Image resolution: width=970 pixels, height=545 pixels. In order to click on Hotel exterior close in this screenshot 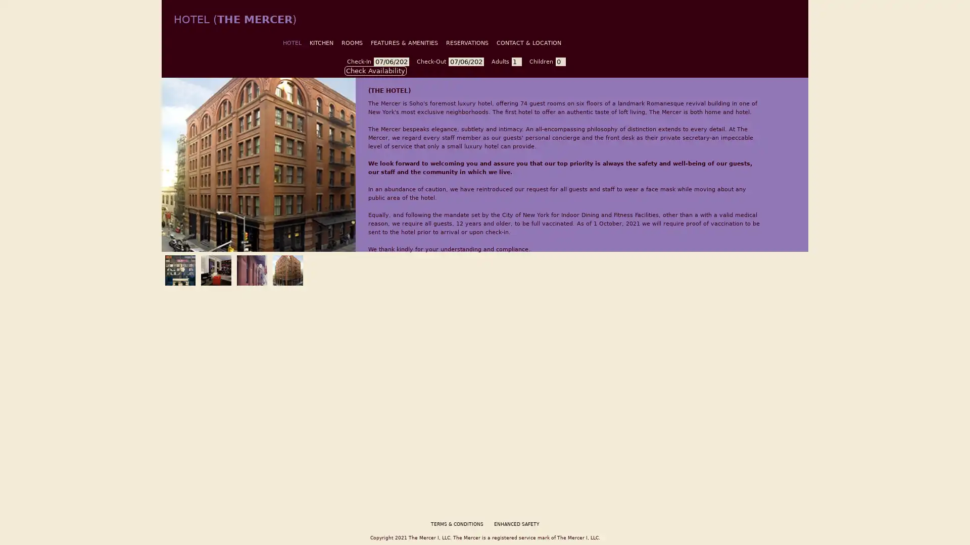, I will do `click(250, 268)`.